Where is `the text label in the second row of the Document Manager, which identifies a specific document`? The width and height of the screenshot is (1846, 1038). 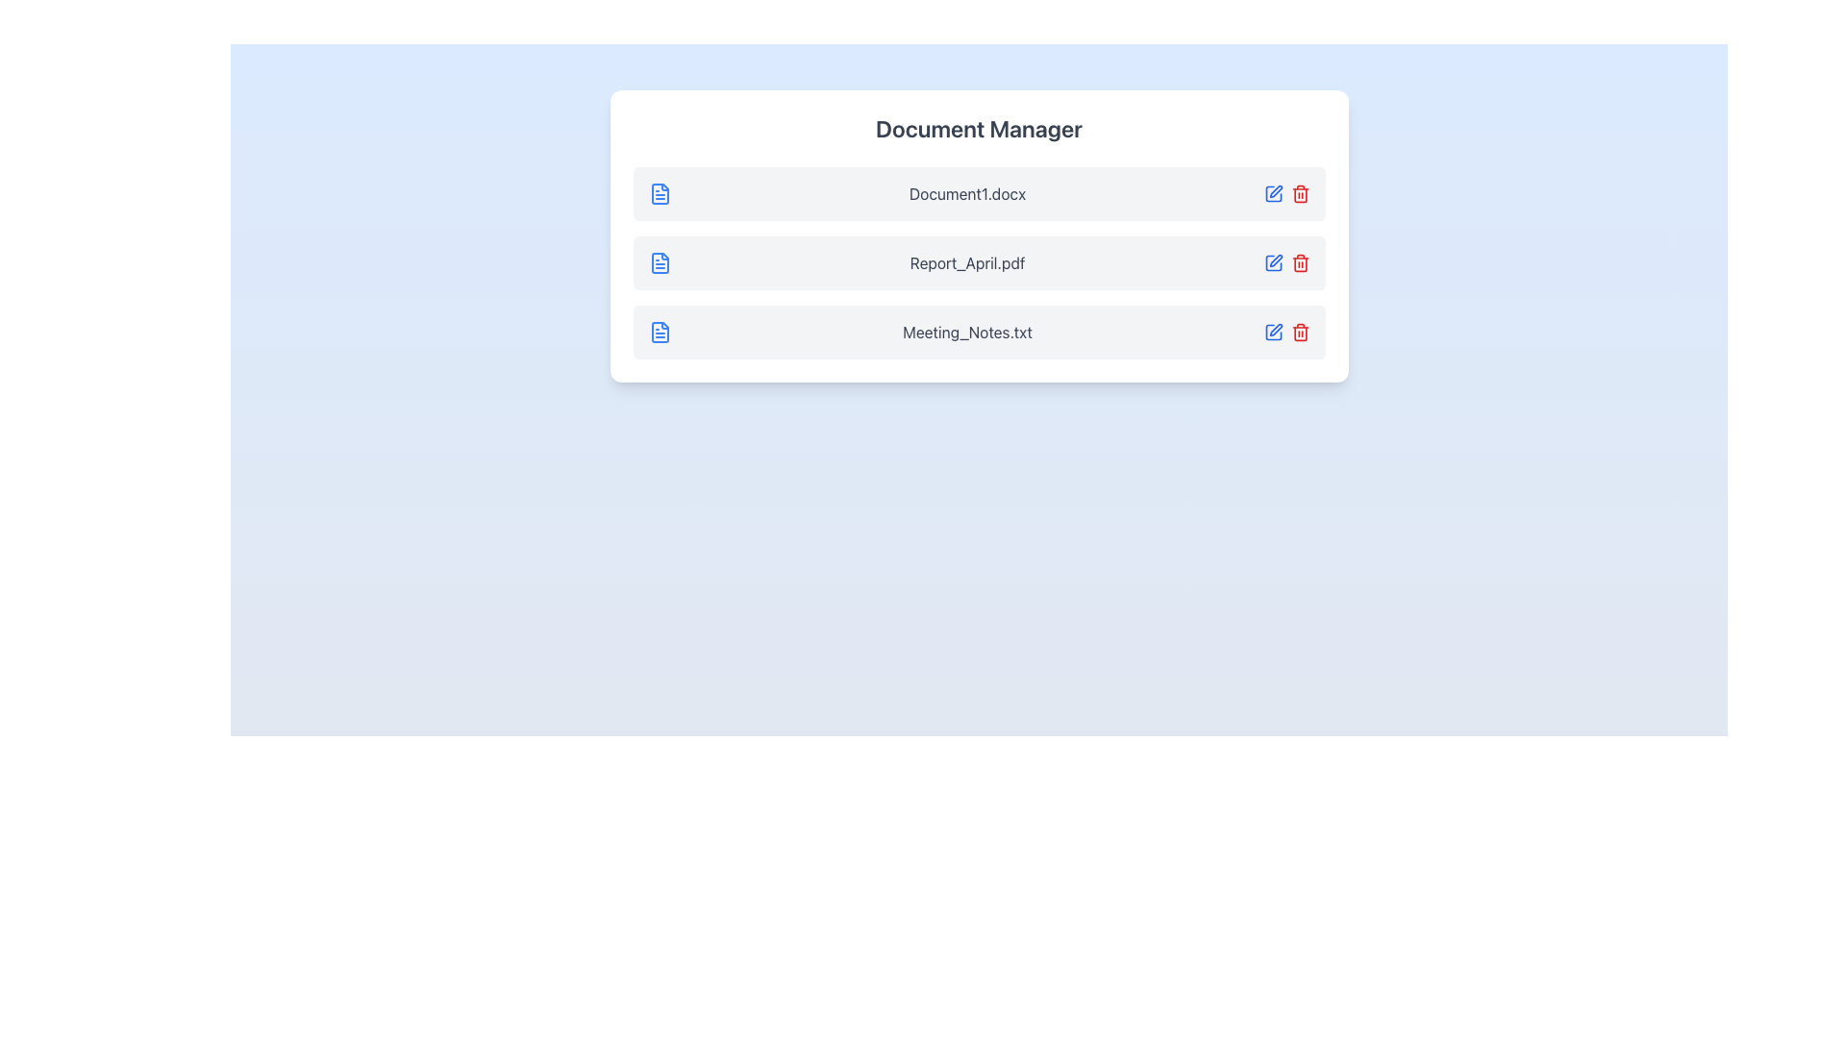 the text label in the second row of the Document Manager, which identifies a specific document is located at coordinates (967, 262).